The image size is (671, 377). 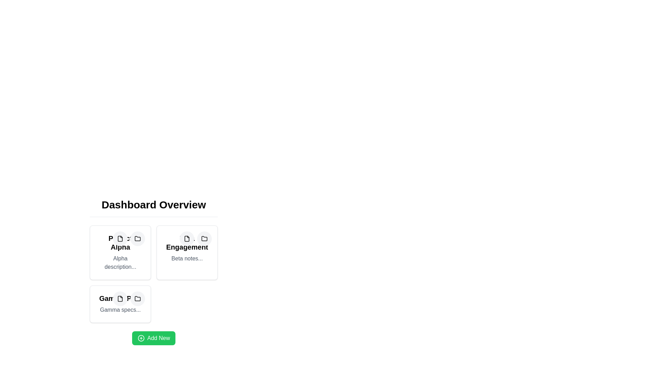 What do you see at coordinates (120, 298) in the screenshot?
I see `the circular button with a light gray background and a document icon located in the top-right corner of the lower-left card in the grid` at bounding box center [120, 298].